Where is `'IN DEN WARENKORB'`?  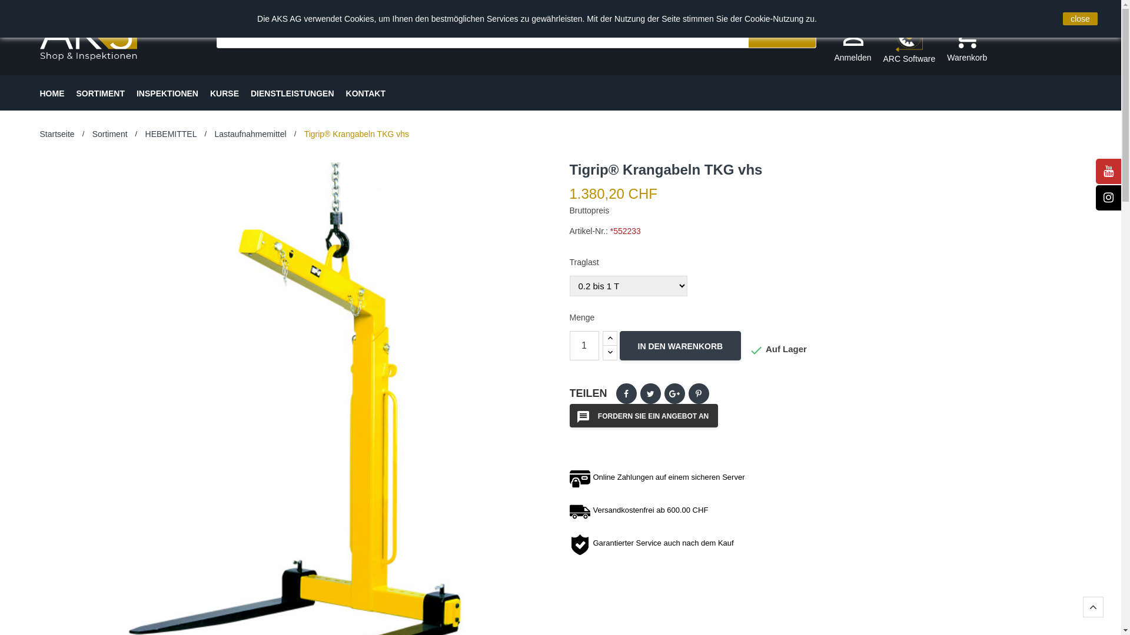
'IN DEN WARENKORB' is located at coordinates (680, 345).